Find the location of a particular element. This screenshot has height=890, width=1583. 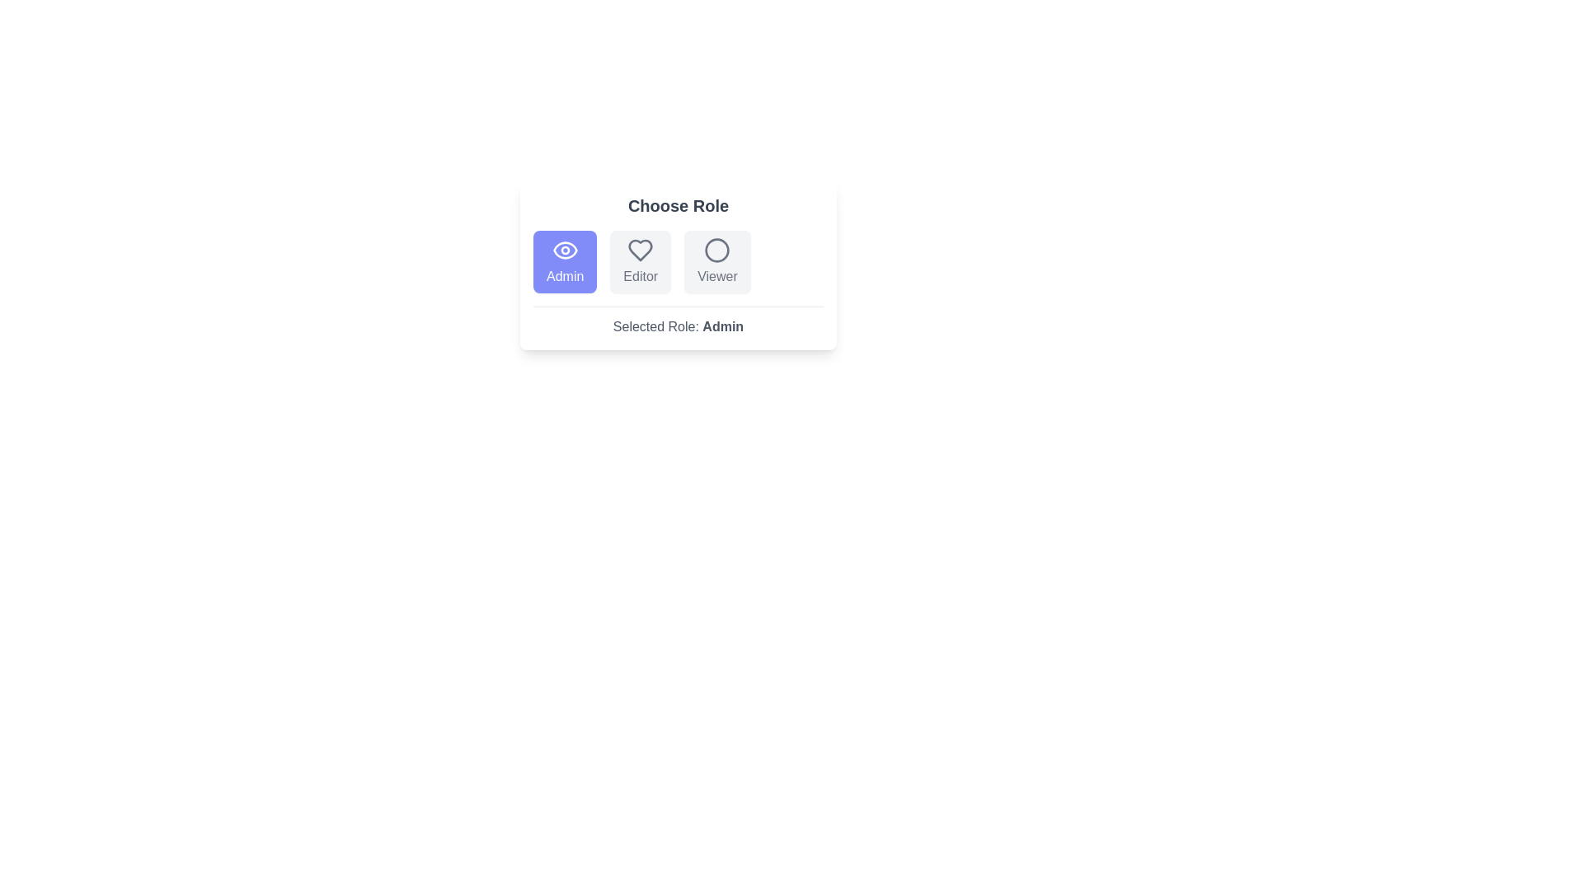

text label displaying 'Selected Role: Admin', which is positioned at the bottom center of a card-like structure, with 'Selected Role:' in gray and 'Admin' in bold is located at coordinates (678, 321).